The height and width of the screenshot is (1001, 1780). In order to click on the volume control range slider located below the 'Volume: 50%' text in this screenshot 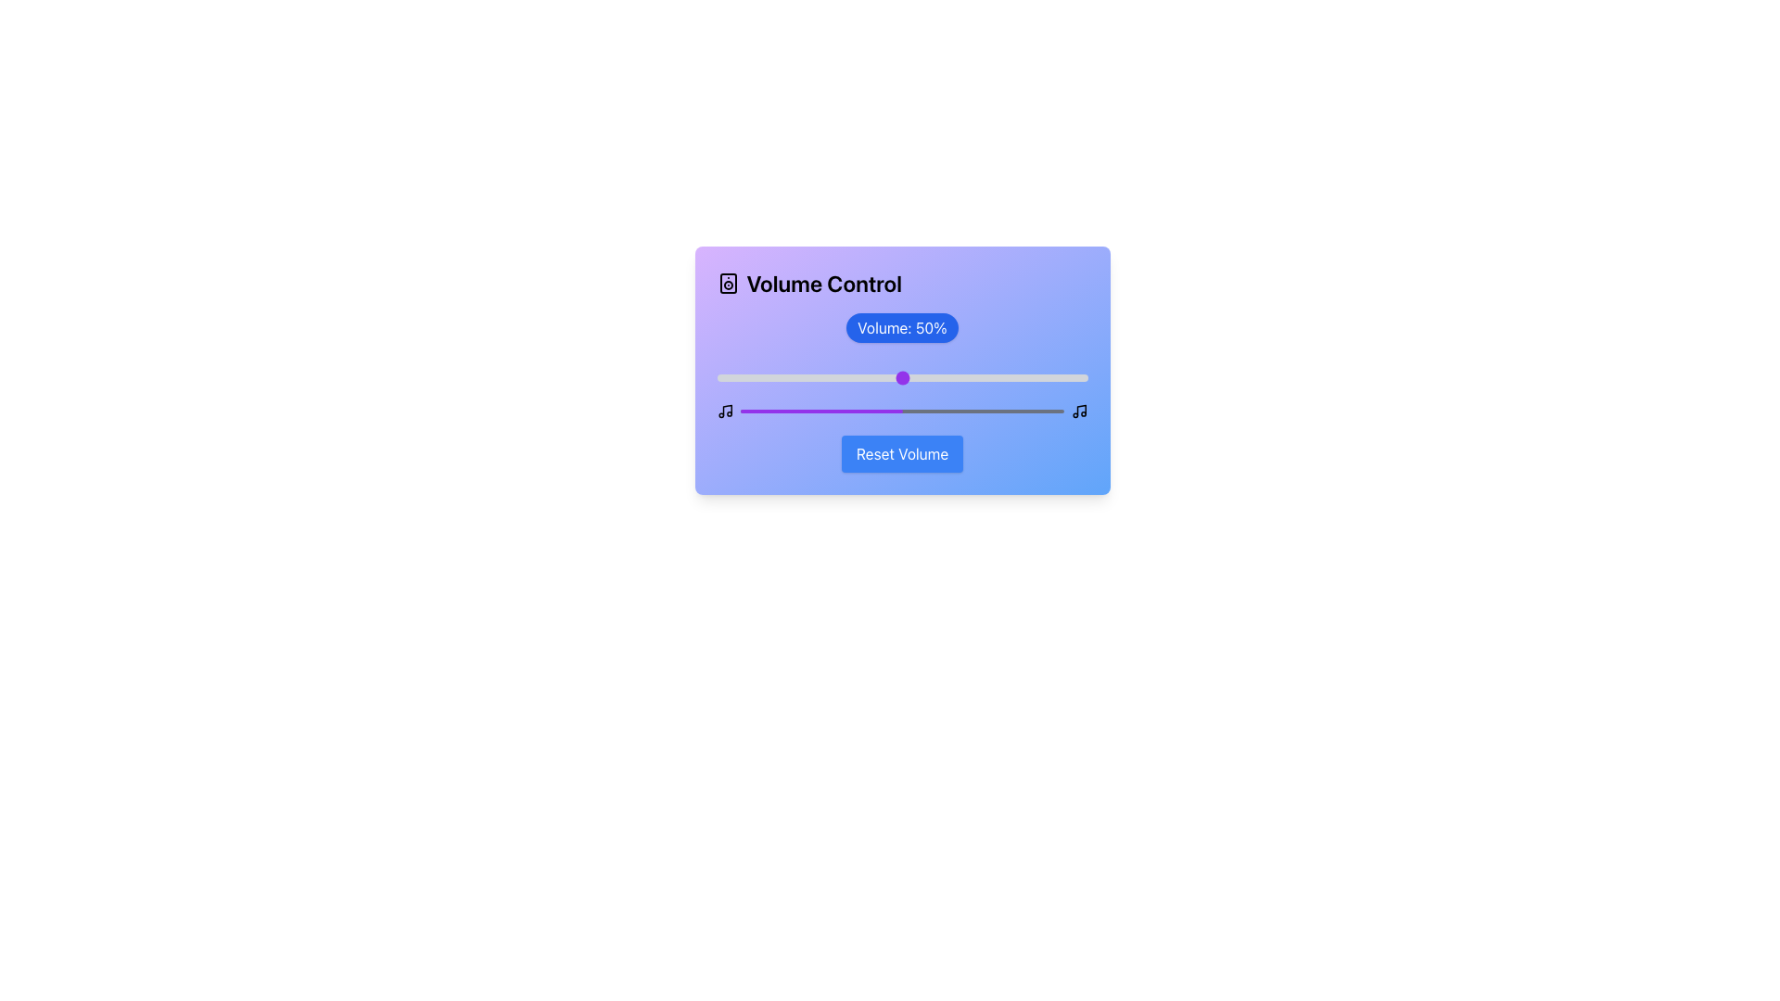, I will do `click(902, 375)`.